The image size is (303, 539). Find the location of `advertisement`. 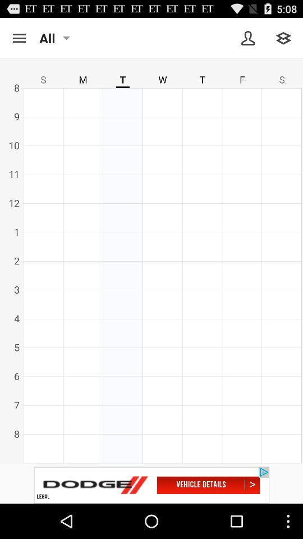

advertisement is located at coordinates (151, 485).